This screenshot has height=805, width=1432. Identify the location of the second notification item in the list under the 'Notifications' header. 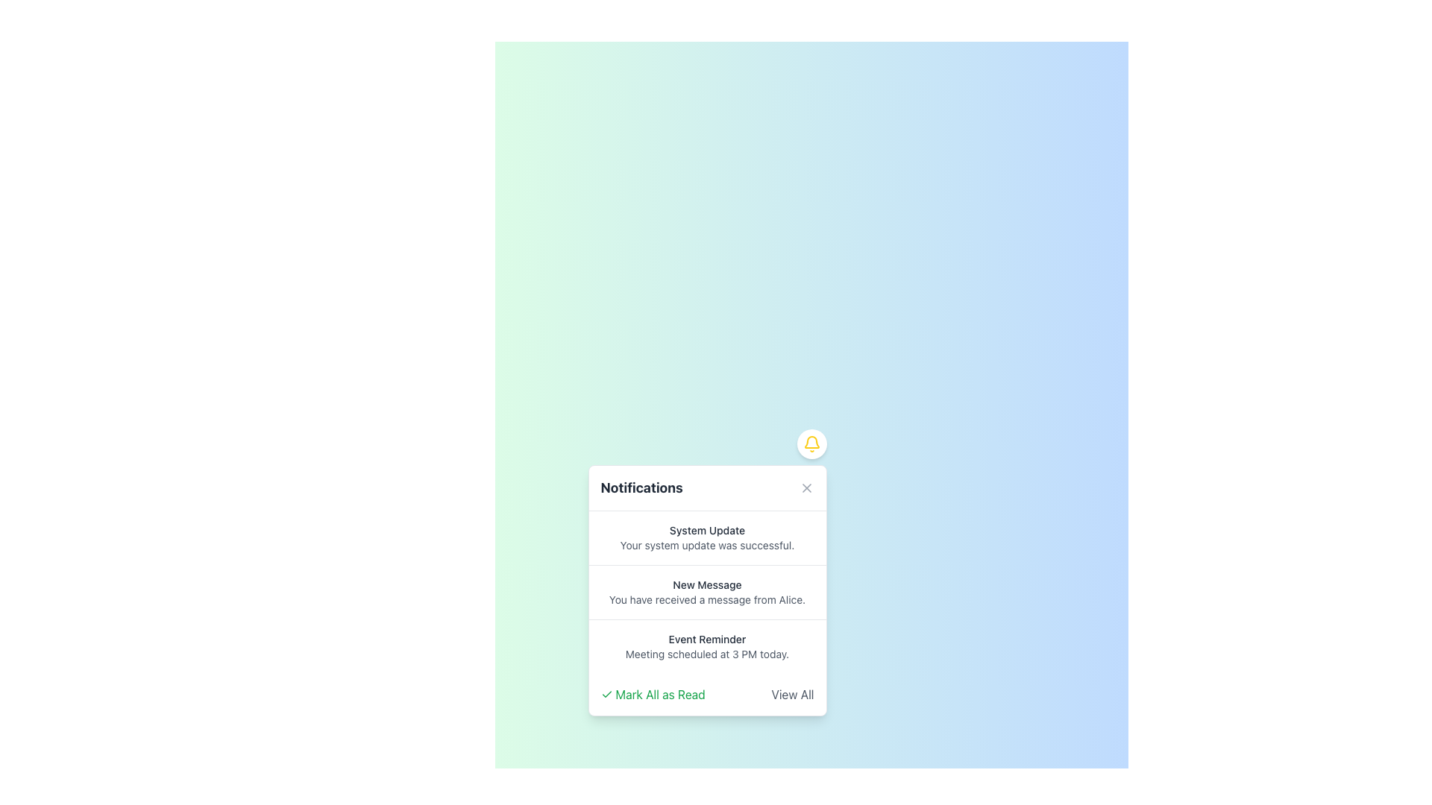
(706, 591).